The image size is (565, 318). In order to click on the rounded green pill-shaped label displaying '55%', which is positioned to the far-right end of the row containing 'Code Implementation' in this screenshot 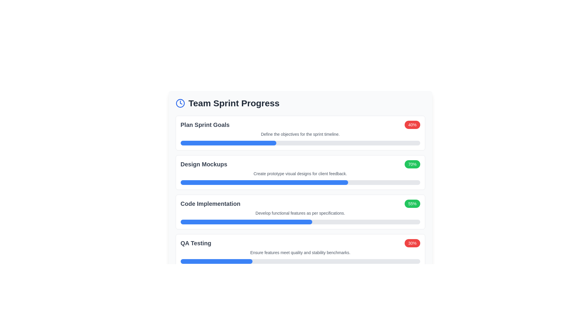, I will do `click(412, 203)`.